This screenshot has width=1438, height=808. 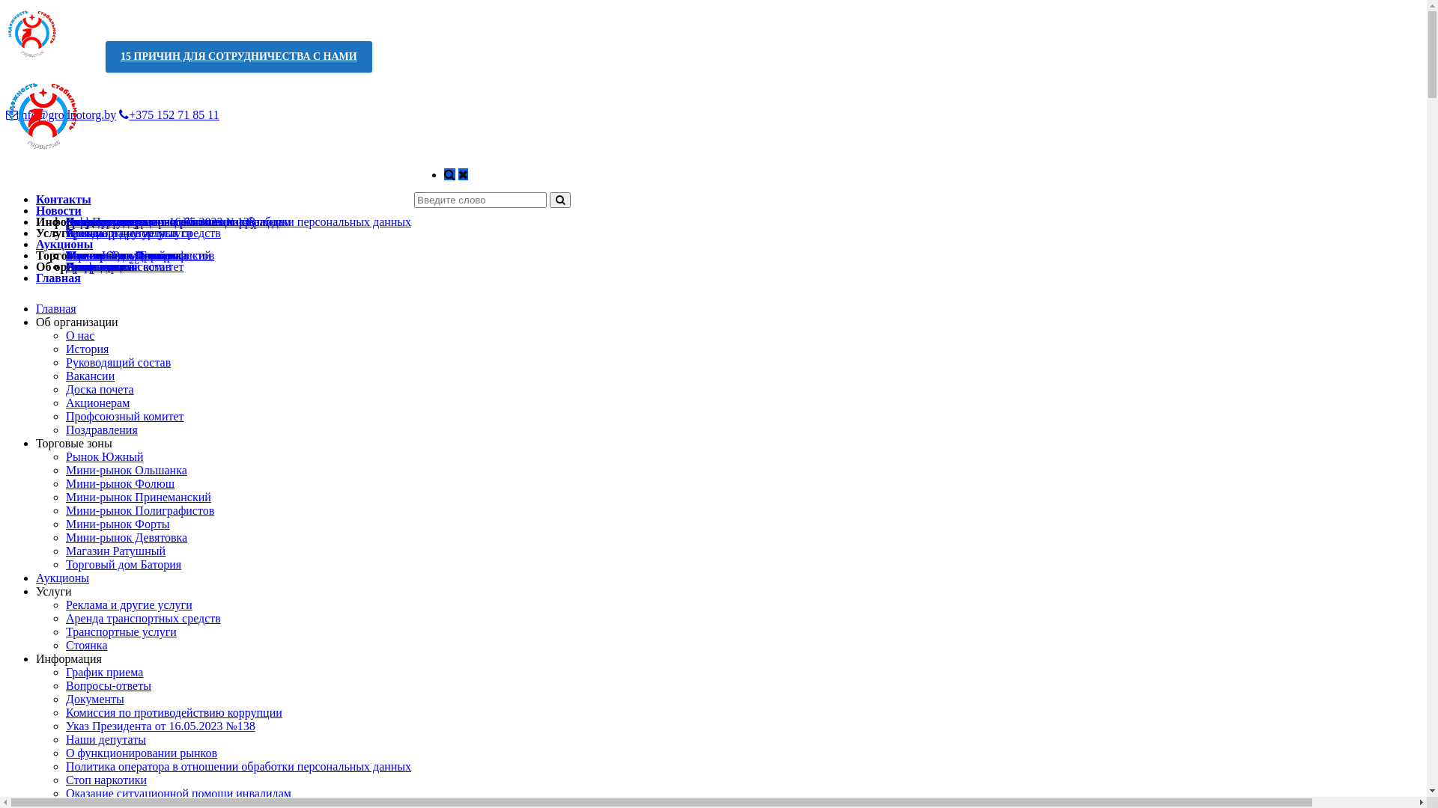 I want to click on '+375 152 71 85 11', so click(x=169, y=114).